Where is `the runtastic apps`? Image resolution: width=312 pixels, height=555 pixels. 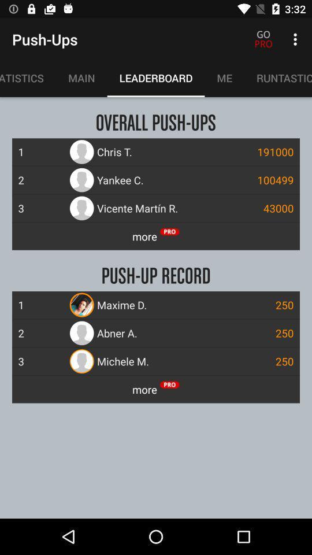 the runtastic apps is located at coordinates (277, 77).